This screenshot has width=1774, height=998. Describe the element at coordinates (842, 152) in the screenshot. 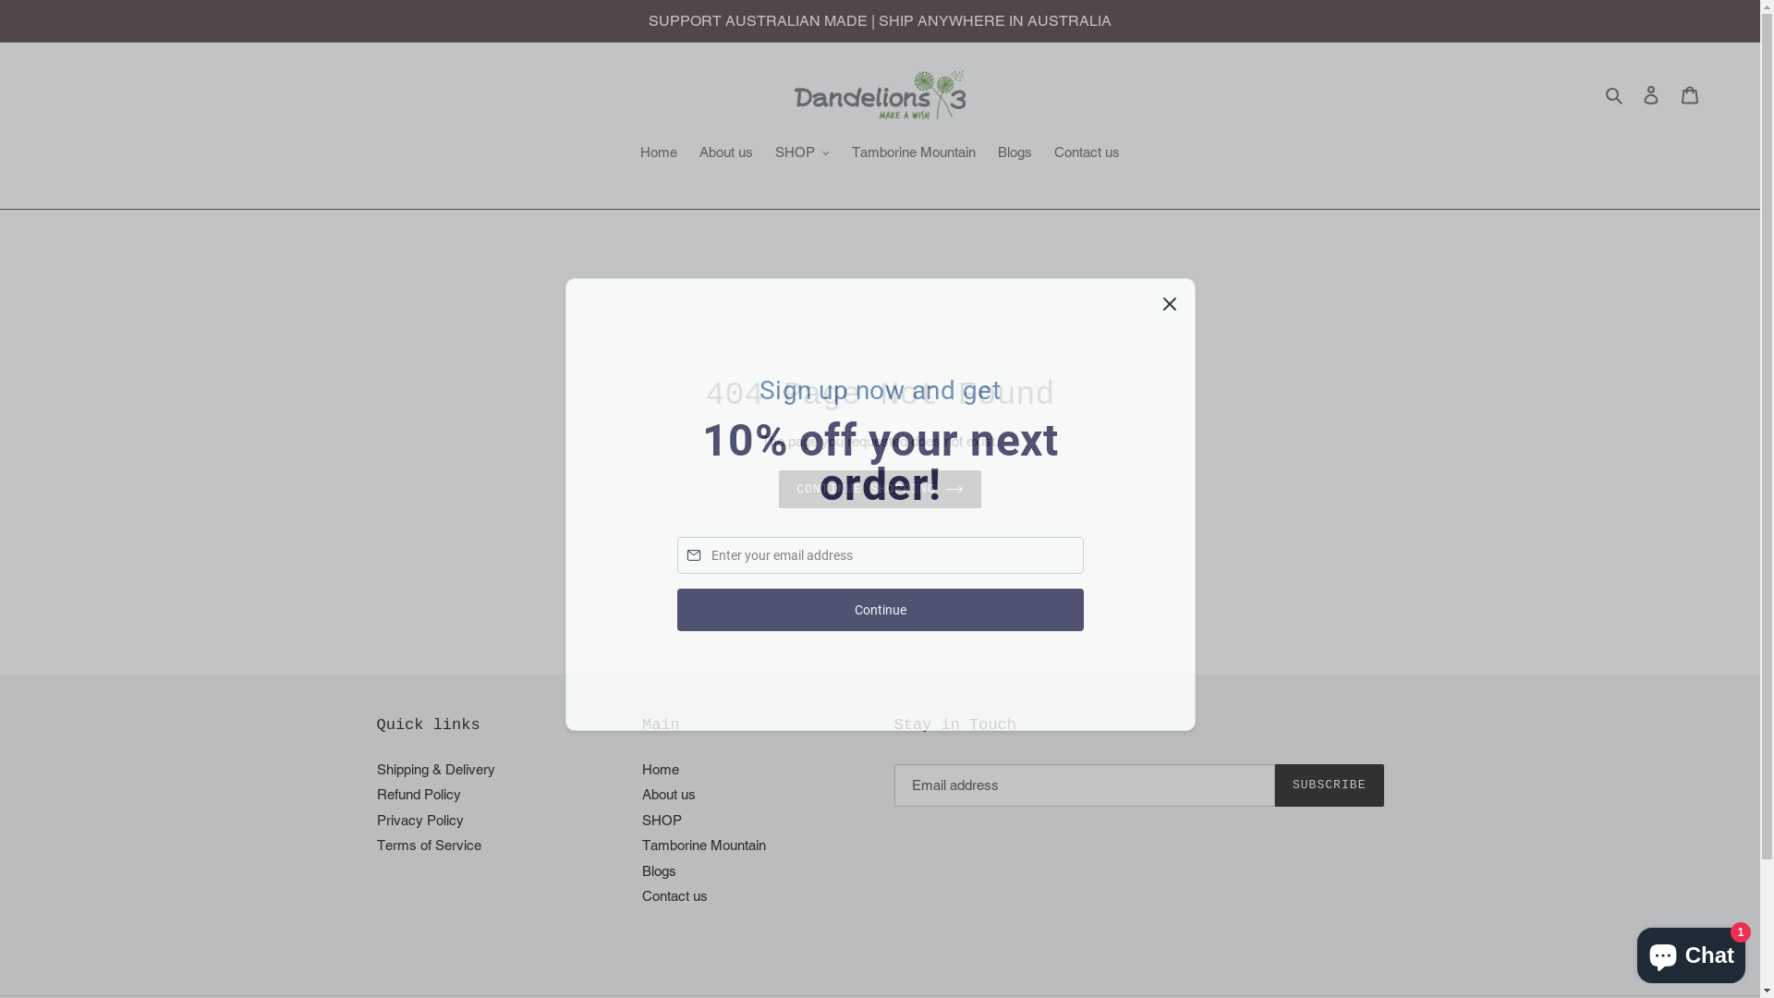

I see `'Tamborine Mountain'` at that location.